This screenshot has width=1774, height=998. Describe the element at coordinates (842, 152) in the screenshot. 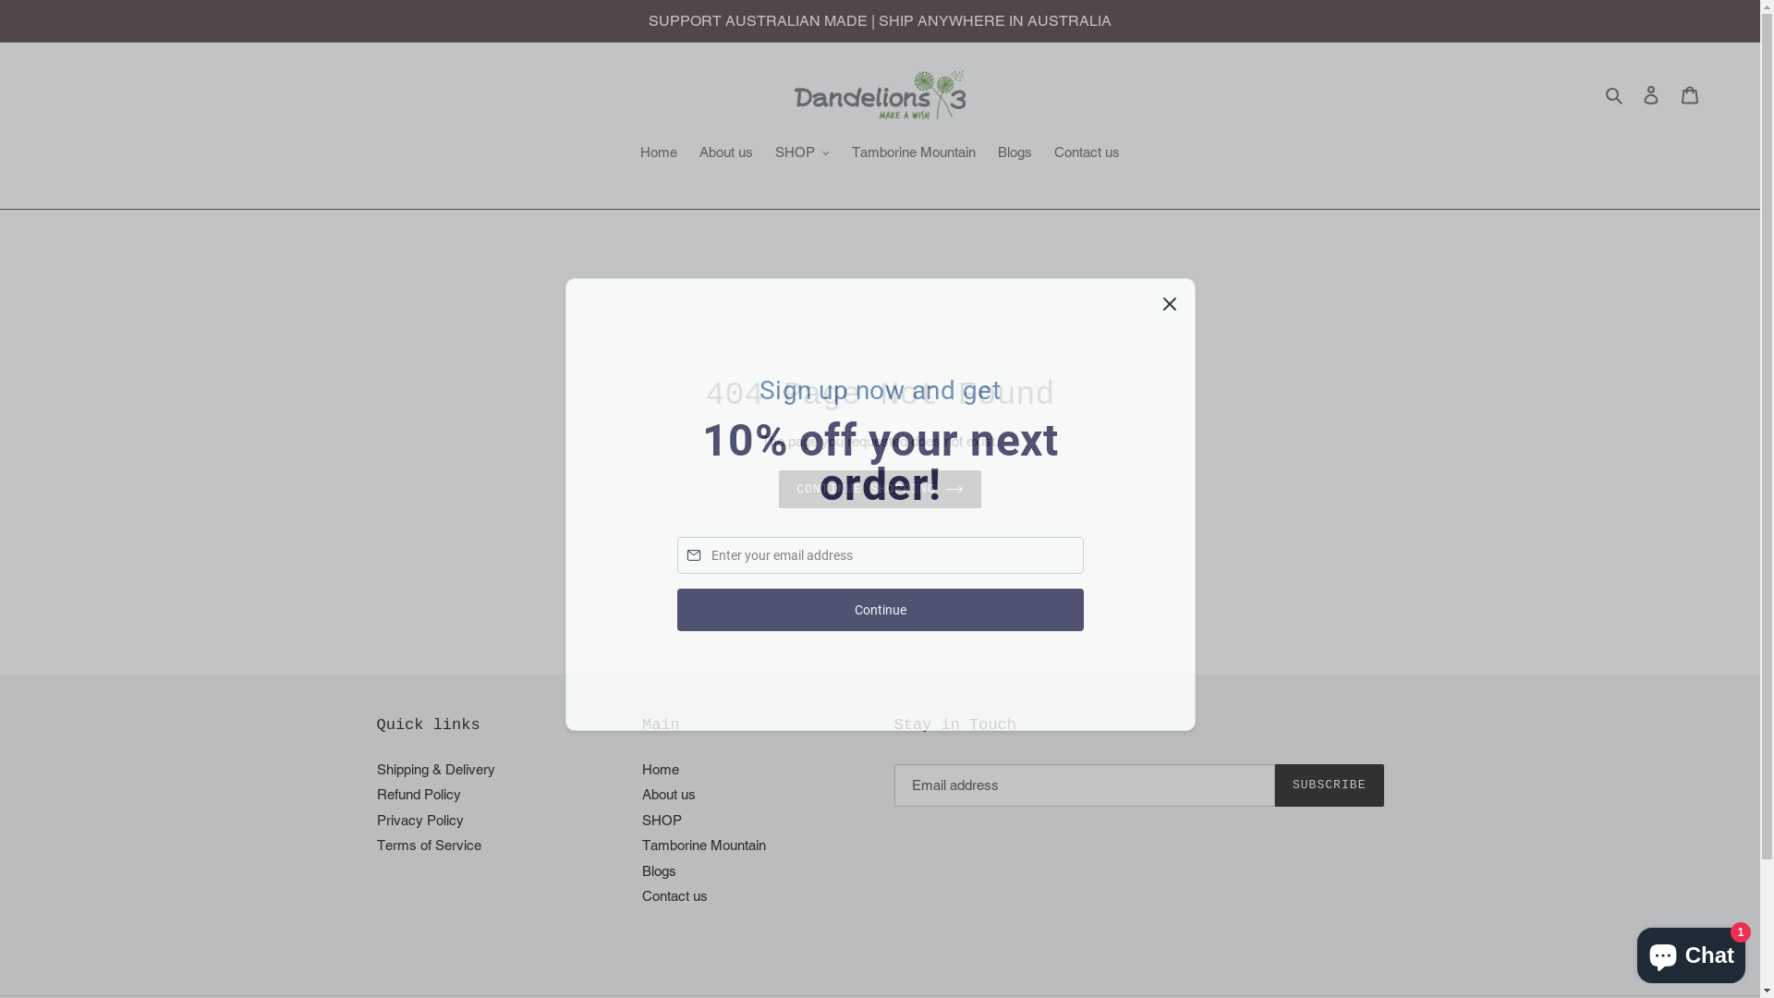

I see `'Tamborine Mountain'` at that location.